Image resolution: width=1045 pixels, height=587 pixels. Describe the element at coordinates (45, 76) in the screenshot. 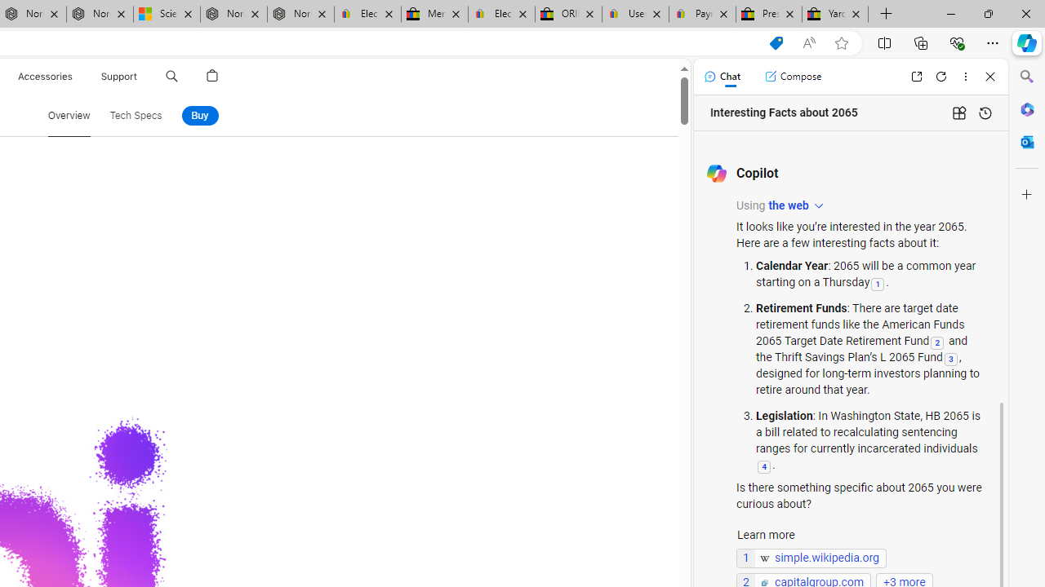

I see `'Accessories'` at that location.